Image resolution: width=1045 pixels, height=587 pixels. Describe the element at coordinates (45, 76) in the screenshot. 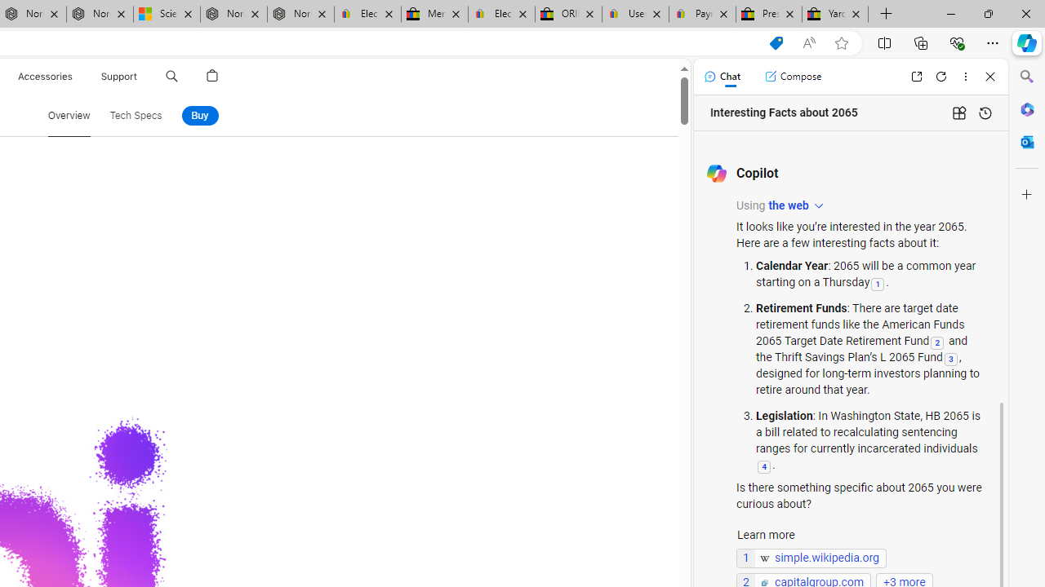

I see `'Accessories'` at that location.